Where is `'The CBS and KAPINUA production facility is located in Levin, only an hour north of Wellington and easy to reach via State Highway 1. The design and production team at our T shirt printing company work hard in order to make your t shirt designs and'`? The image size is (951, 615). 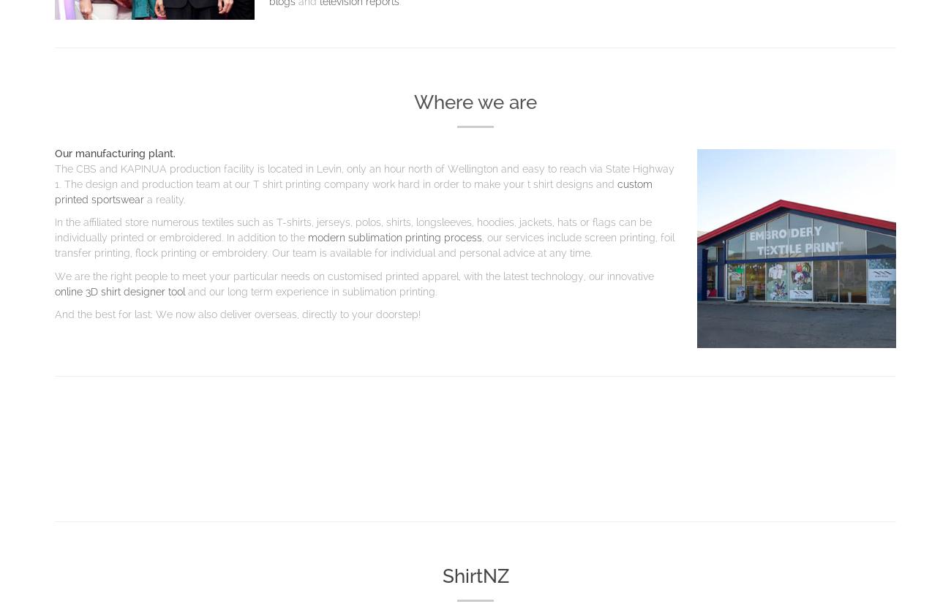 'The CBS and KAPINUA production facility is located in Levin, only an hour north of Wellington and easy to reach via State Highway 1. The design and production team at our T shirt printing company work hard in order to make your t shirt designs and' is located at coordinates (55, 175).